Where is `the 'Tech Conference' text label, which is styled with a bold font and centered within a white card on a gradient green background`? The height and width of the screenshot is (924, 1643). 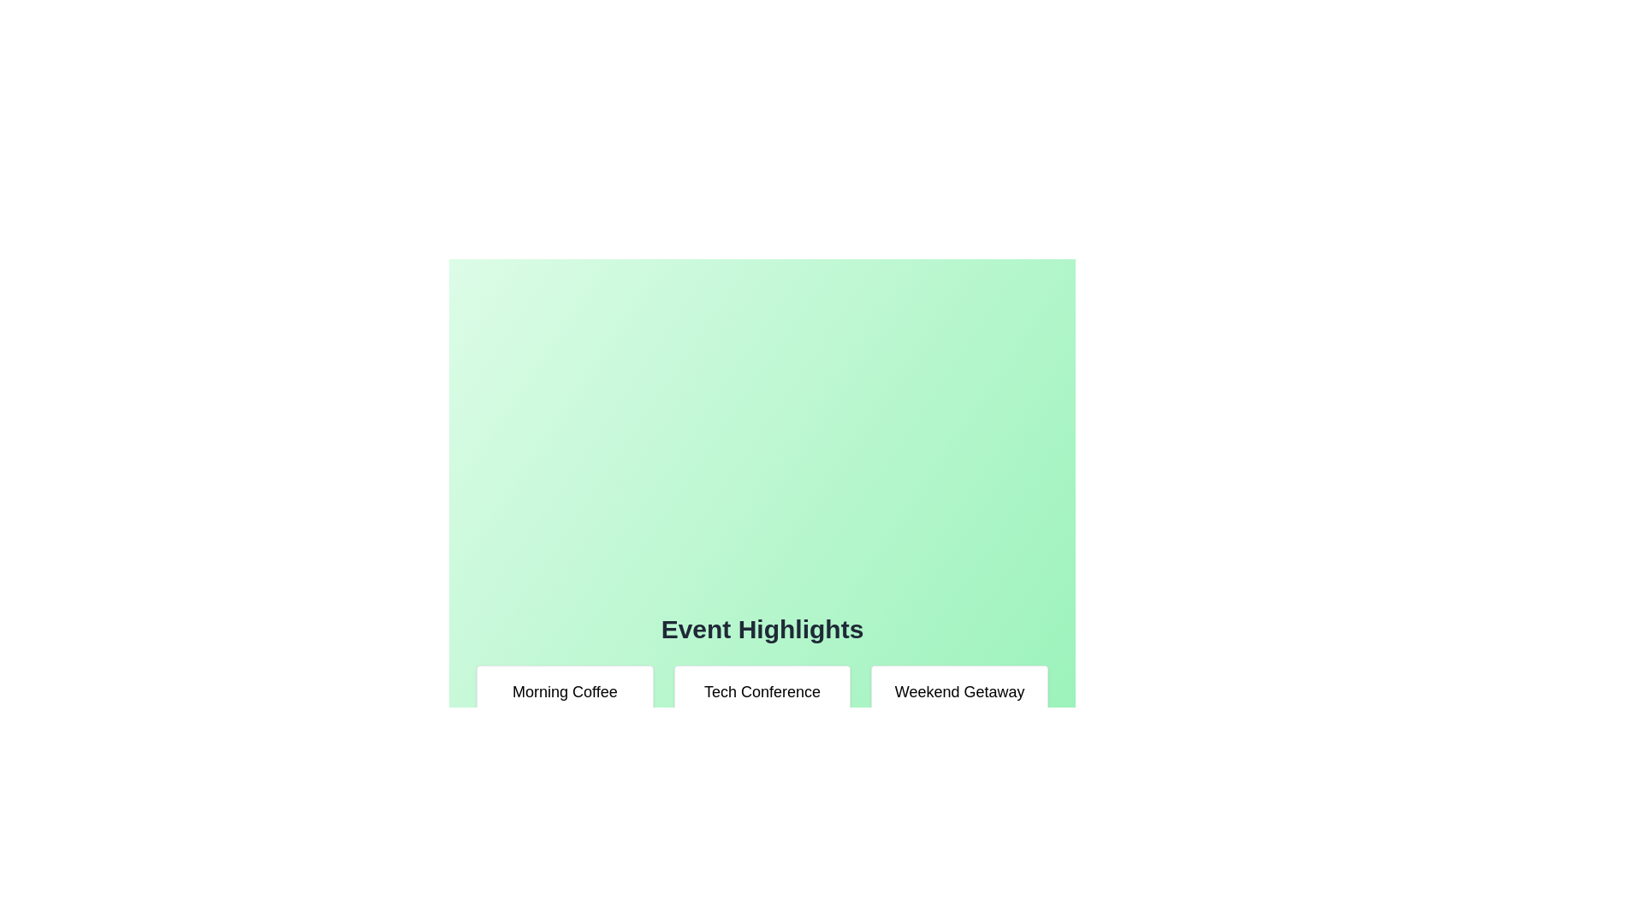
the 'Tech Conference' text label, which is styled with a bold font and centered within a white card on a gradient green background is located at coordinates (762, 691).